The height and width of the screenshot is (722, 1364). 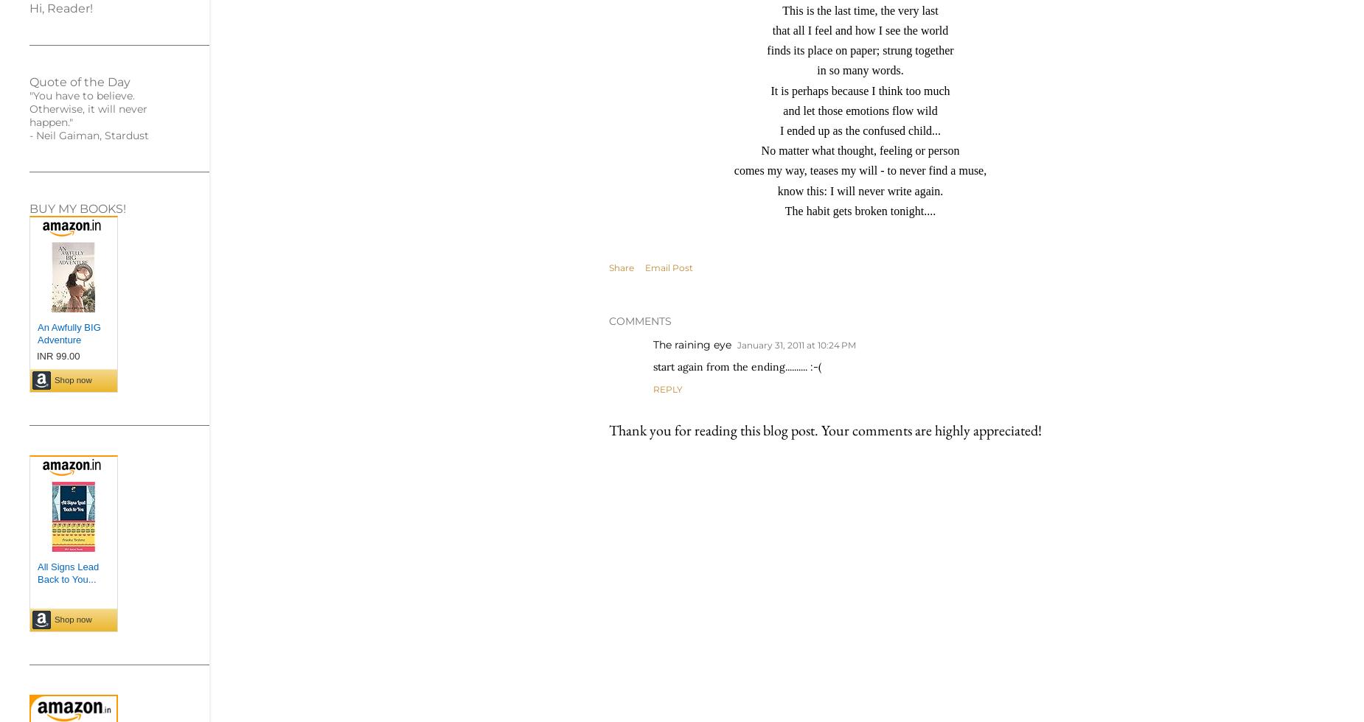 I want to click on 'and let those emotions flow wild', so click(x=859, y=110).